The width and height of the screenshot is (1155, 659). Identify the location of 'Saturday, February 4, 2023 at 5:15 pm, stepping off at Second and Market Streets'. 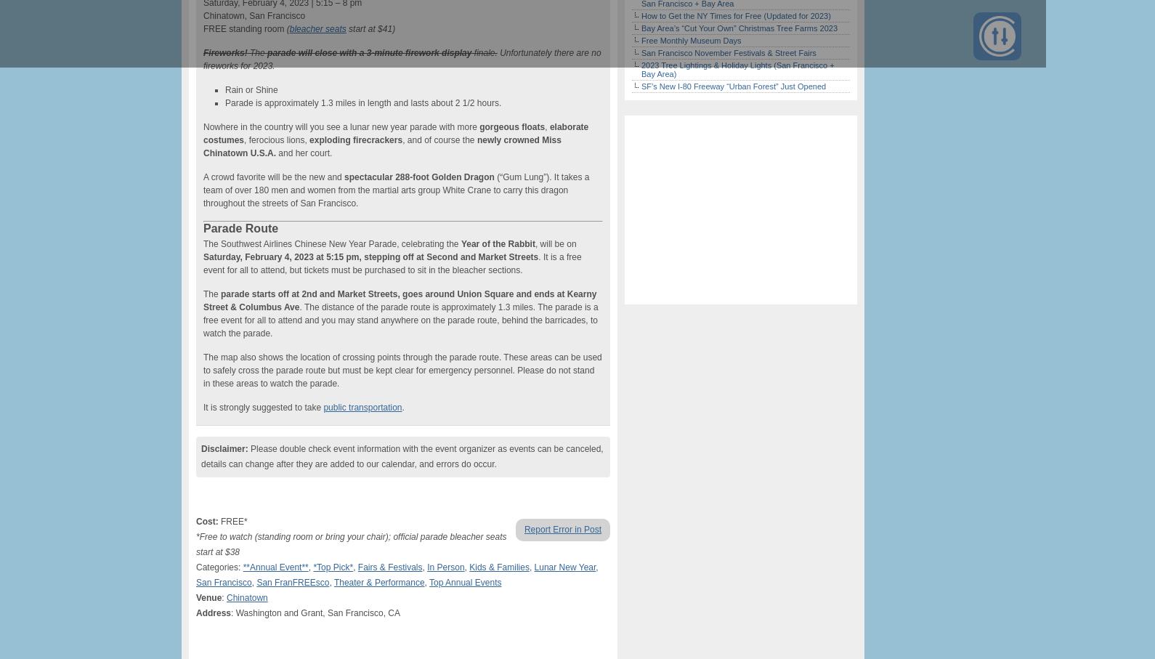
(370, 256).